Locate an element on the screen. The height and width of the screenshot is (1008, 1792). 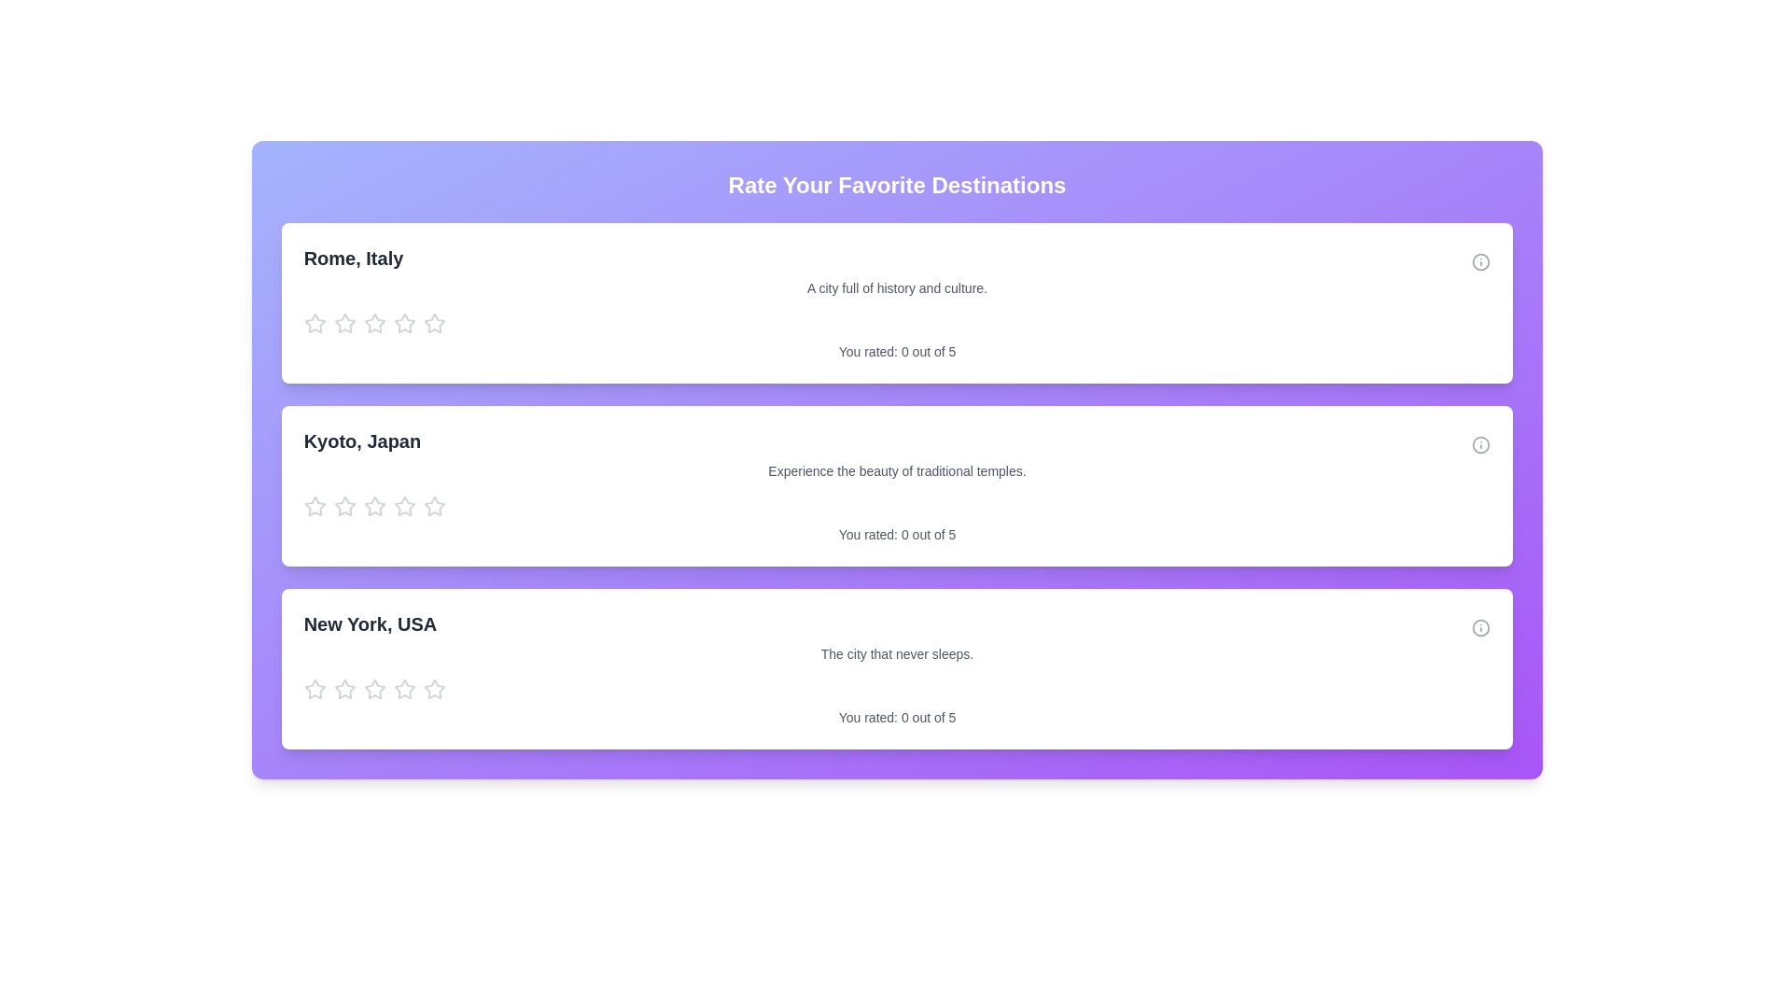
the clickable star icon used in the rating system, which is the leftmost star directly below the 'Rome, Italy' title is located at coordinates (315, 322).